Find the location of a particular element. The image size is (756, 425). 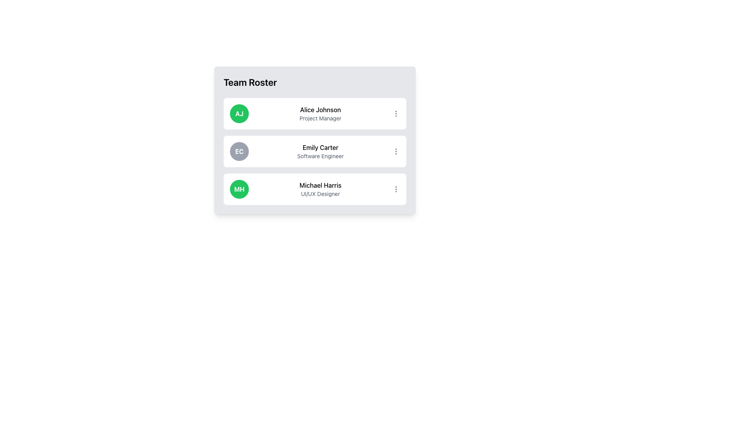

the text label displaying 'Michael Harris' in the third row of the 'Team Roster' list is located at coordinates (321, 189).